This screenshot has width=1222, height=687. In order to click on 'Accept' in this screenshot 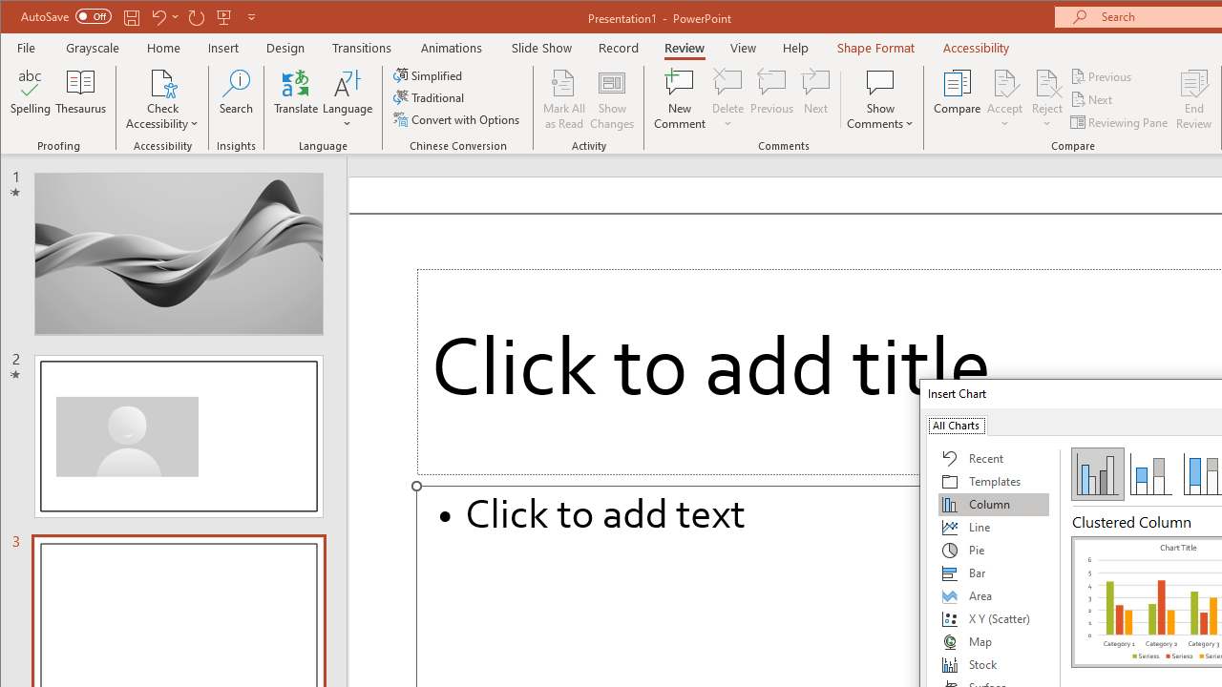, I will do `click(1003, 99)`.